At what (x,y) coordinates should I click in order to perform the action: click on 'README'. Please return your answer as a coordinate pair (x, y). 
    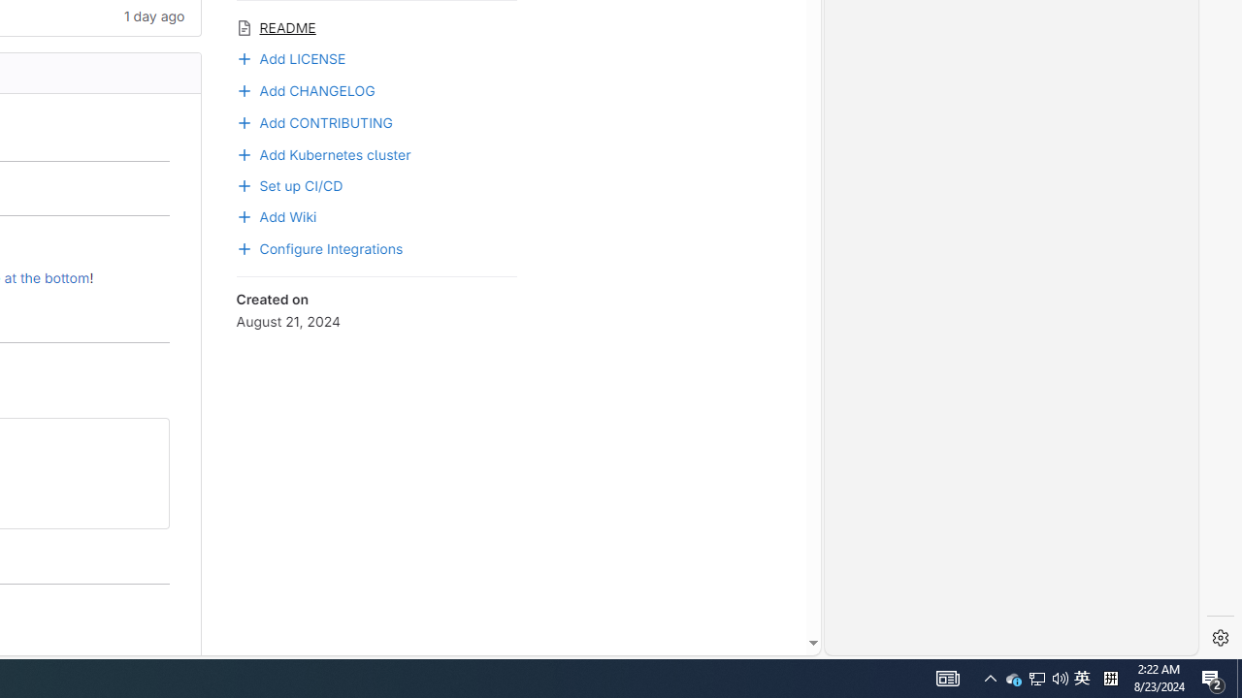
    Looking at the image, I should click on (376, 26).